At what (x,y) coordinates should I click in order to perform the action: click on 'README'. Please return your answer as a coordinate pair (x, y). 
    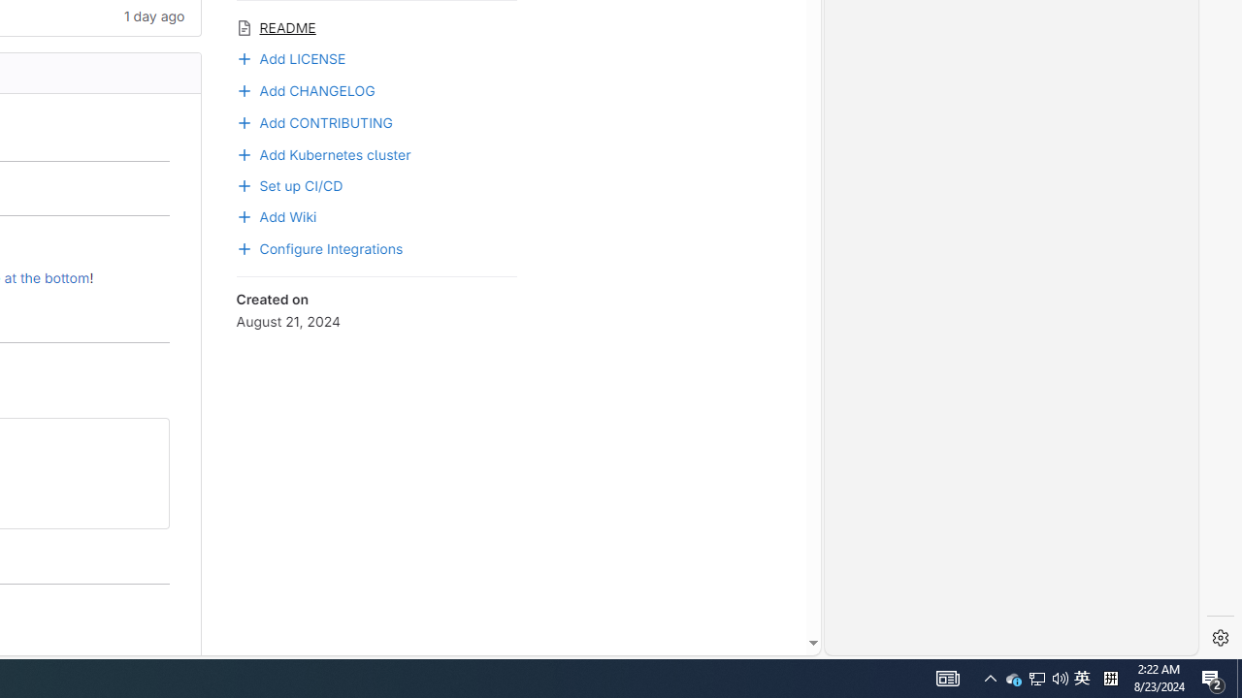
    Looking at the image, I should click on (376, 26).